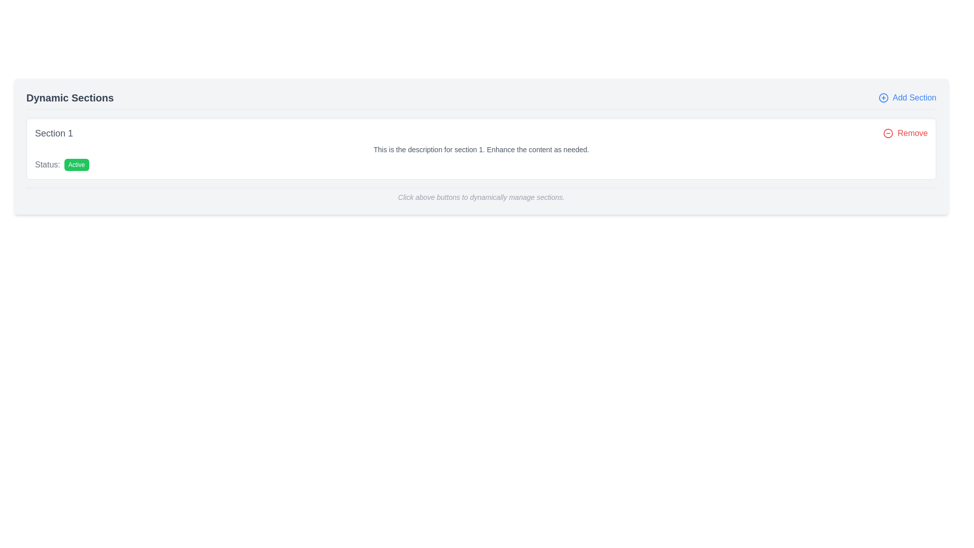 This screenshot has width=974, height=548. Describe the element at coordinates (913, 132) in the screenshot. I see `the 'Remove' text label, which is styled in a bold, red font and is located to the right of a circular minus icon in 'Section 1'` at that location.